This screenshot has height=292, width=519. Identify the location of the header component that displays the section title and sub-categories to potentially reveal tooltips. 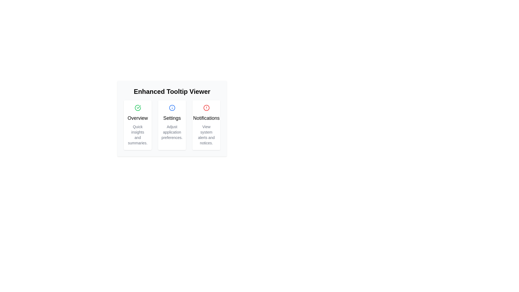
(172, 118).